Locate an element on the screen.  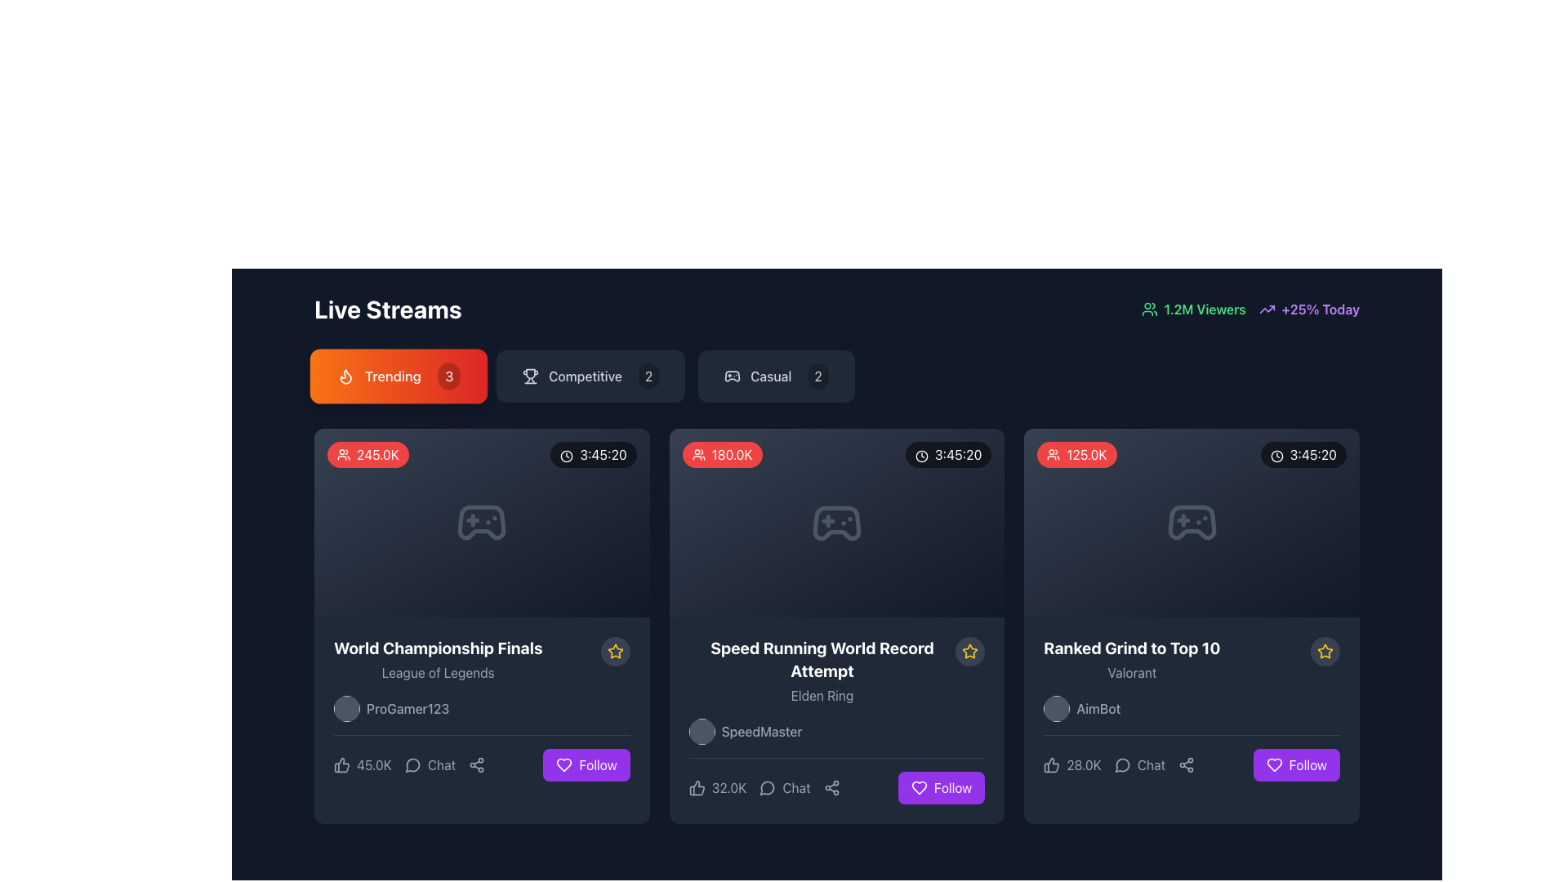
the circular button with a dark gray background containing a yellow star icon, located at the top-right corner of the 'World Championship Finals' card is located at coordinates (614, 651).